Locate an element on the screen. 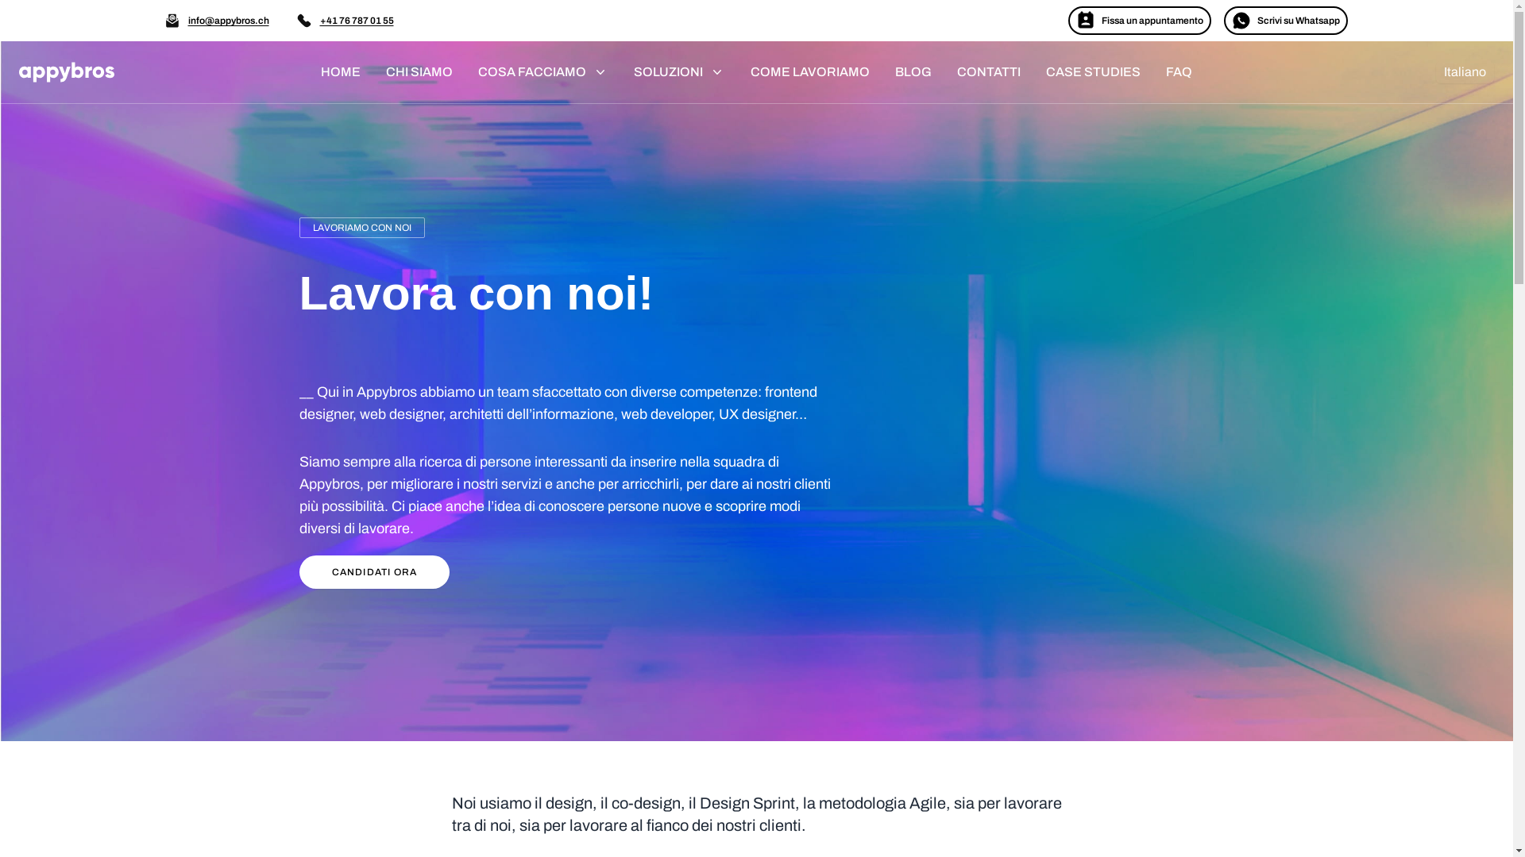 This screenshot has width=1525, height=857. 'Scrivi su Whatsapp' is located at coordinates (1284, 21).